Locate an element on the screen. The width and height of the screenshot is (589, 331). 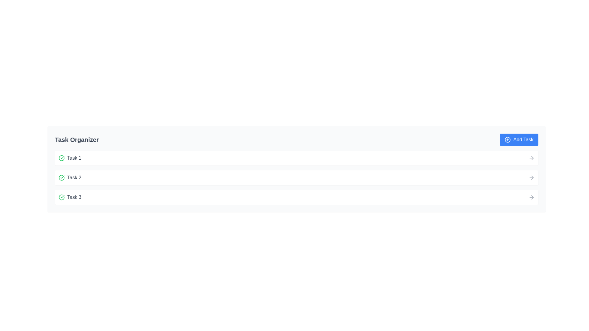
properties of the SVG icon that indicates the completion status of 'Task 1', located at the leftmost part of the row is located at coordinates (62, 158).